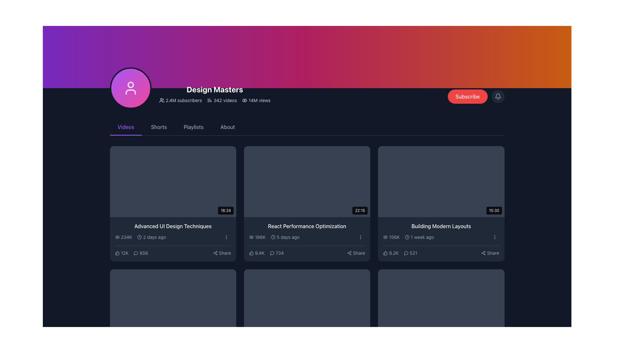  What do you see at coordinates (173, 226) in the screenshot?
I see `the title text label of the video located in the top-left corner of the visible video list` at bounding box center [173, 226].